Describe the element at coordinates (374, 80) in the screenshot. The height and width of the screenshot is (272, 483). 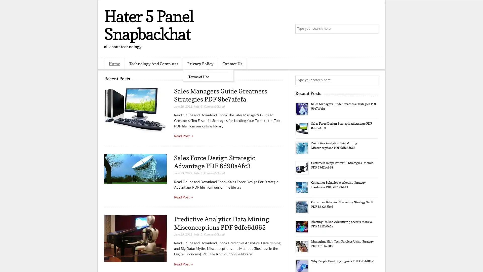
I see `Search` at that location.